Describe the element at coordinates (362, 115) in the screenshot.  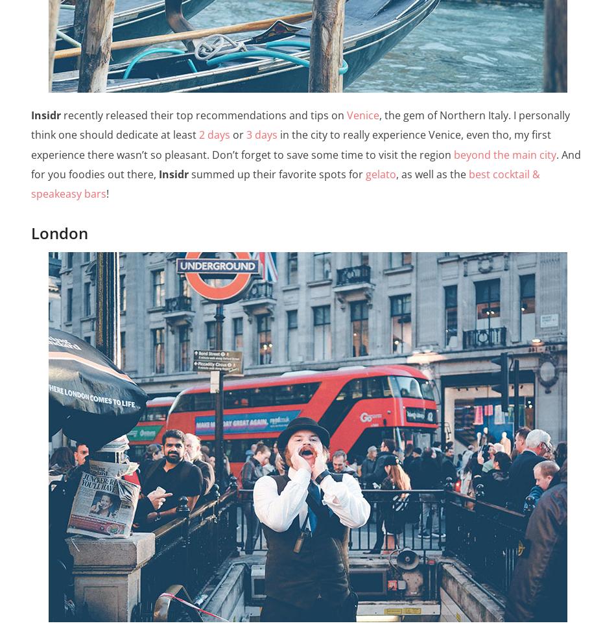
I see `'Venice'` at that location.